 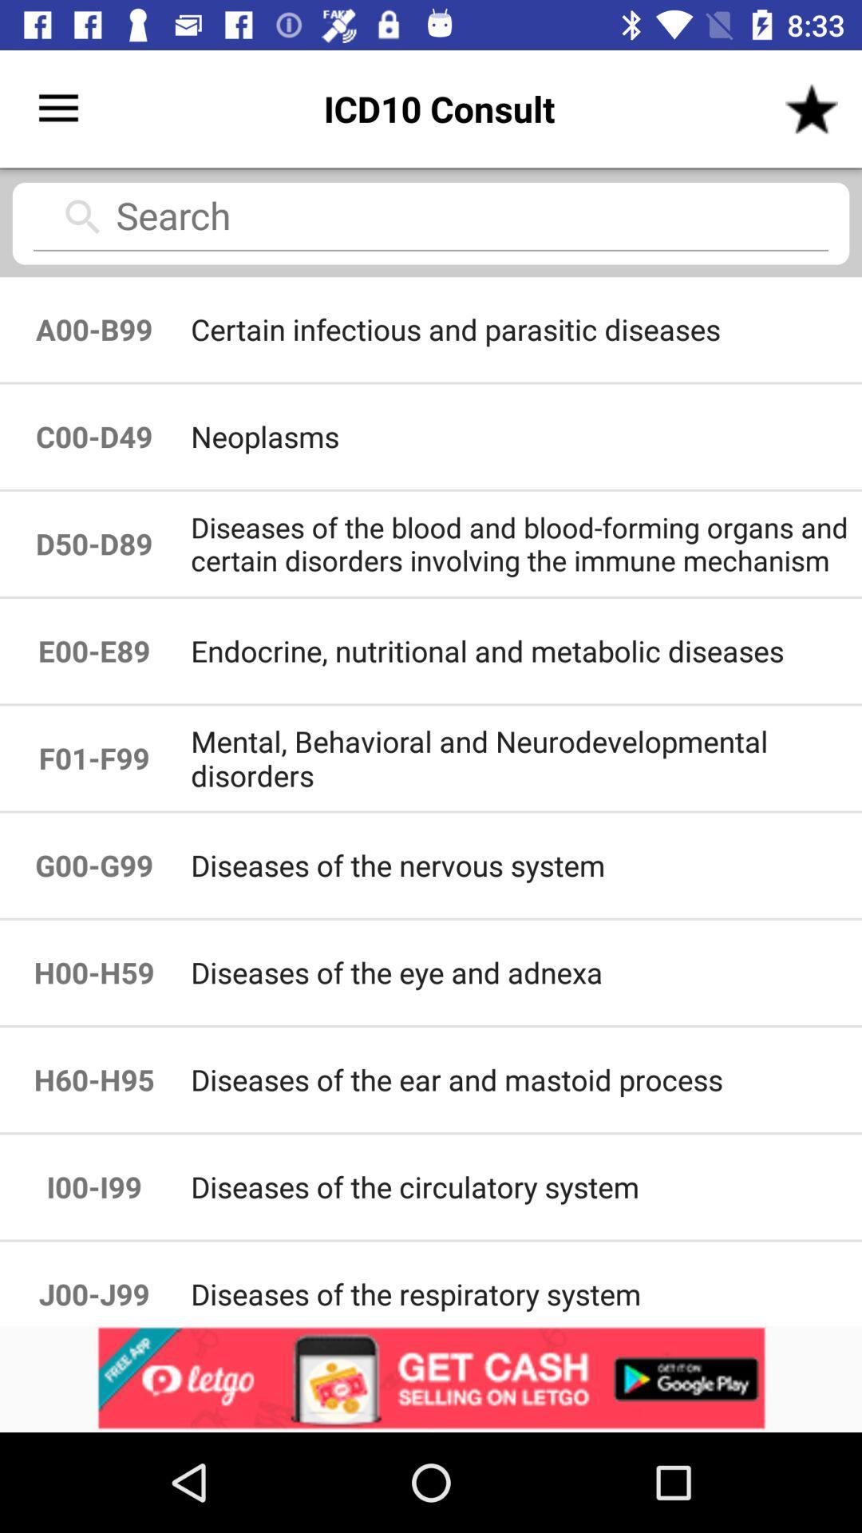 What do you see at coordinates (94, 651) in the screenshot?
I see `item above the f01-f99 item` at bounding box center [94, 651].